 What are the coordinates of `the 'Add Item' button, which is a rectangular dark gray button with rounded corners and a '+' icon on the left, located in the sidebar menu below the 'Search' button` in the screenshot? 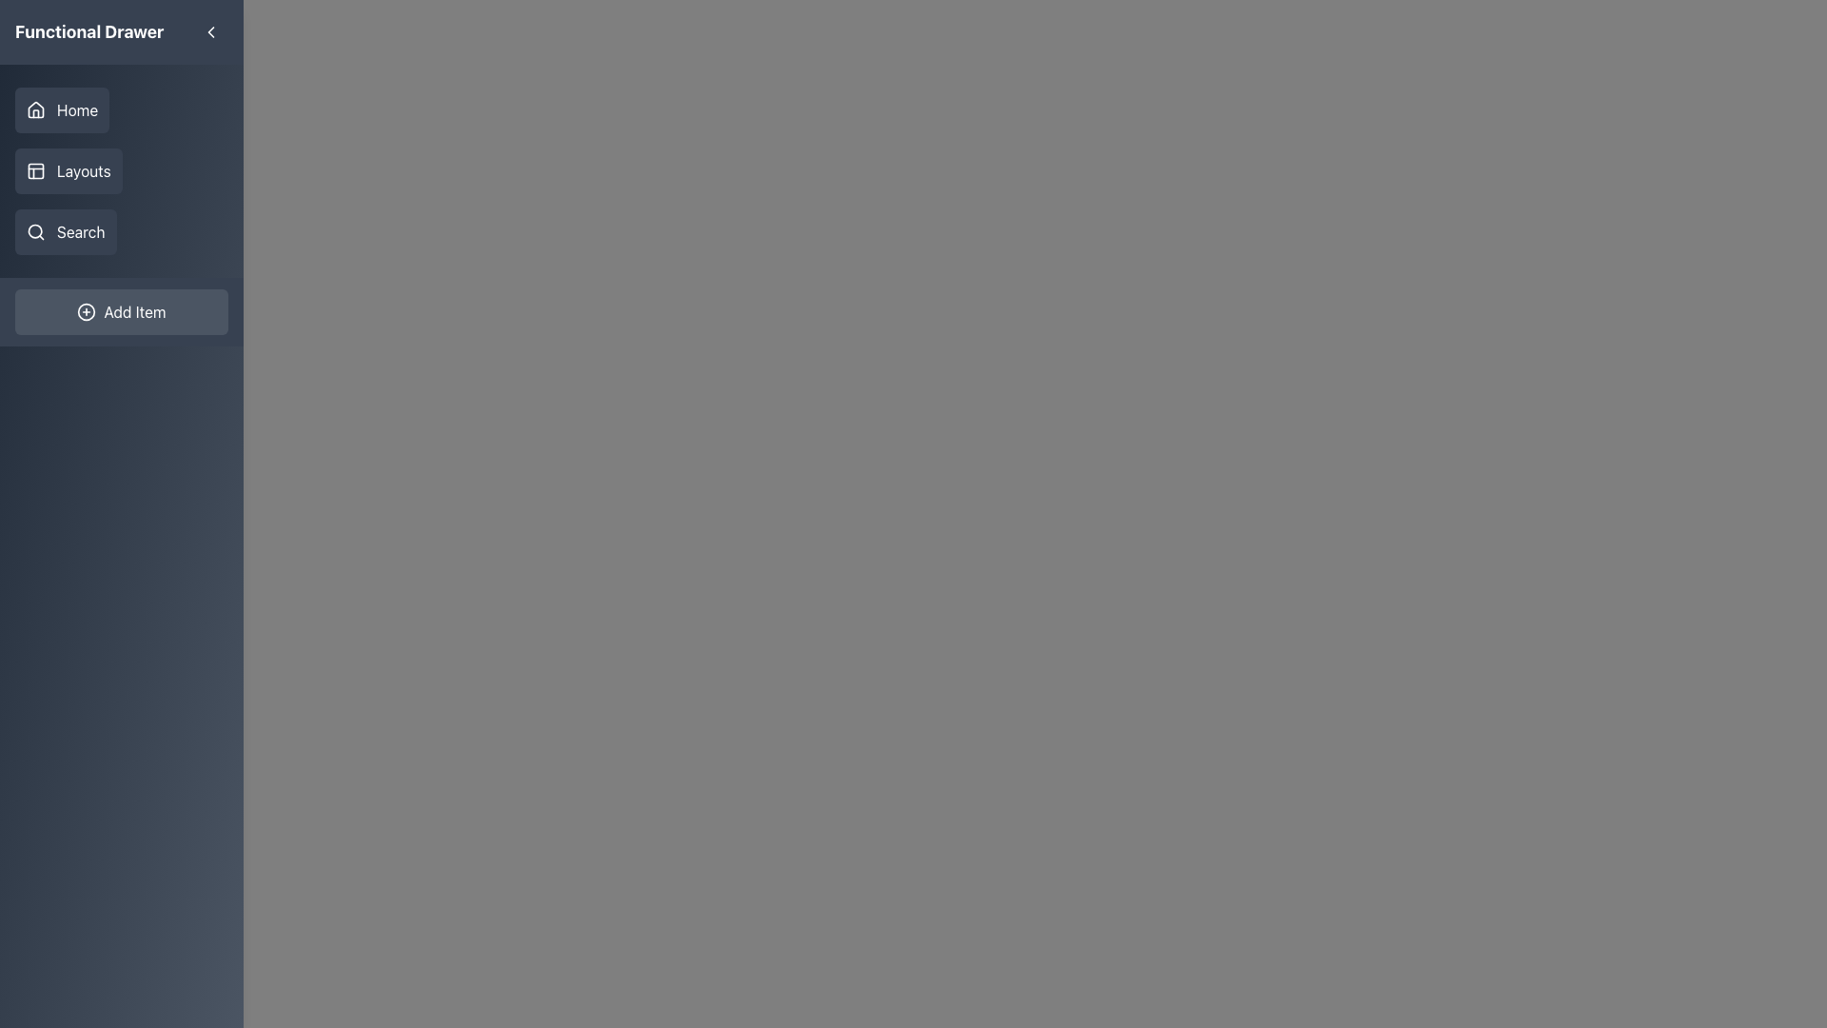 It's located at (121, 310).